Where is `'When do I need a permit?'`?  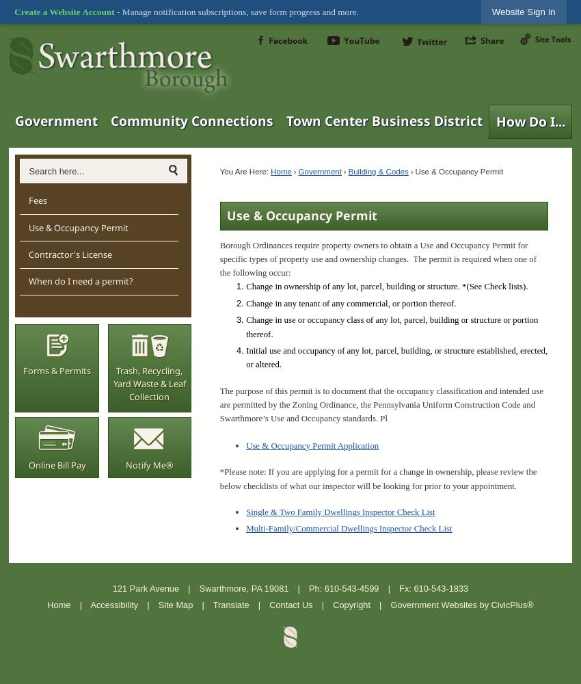
'When do I need a permit?' is located at coordinates (79, 281).